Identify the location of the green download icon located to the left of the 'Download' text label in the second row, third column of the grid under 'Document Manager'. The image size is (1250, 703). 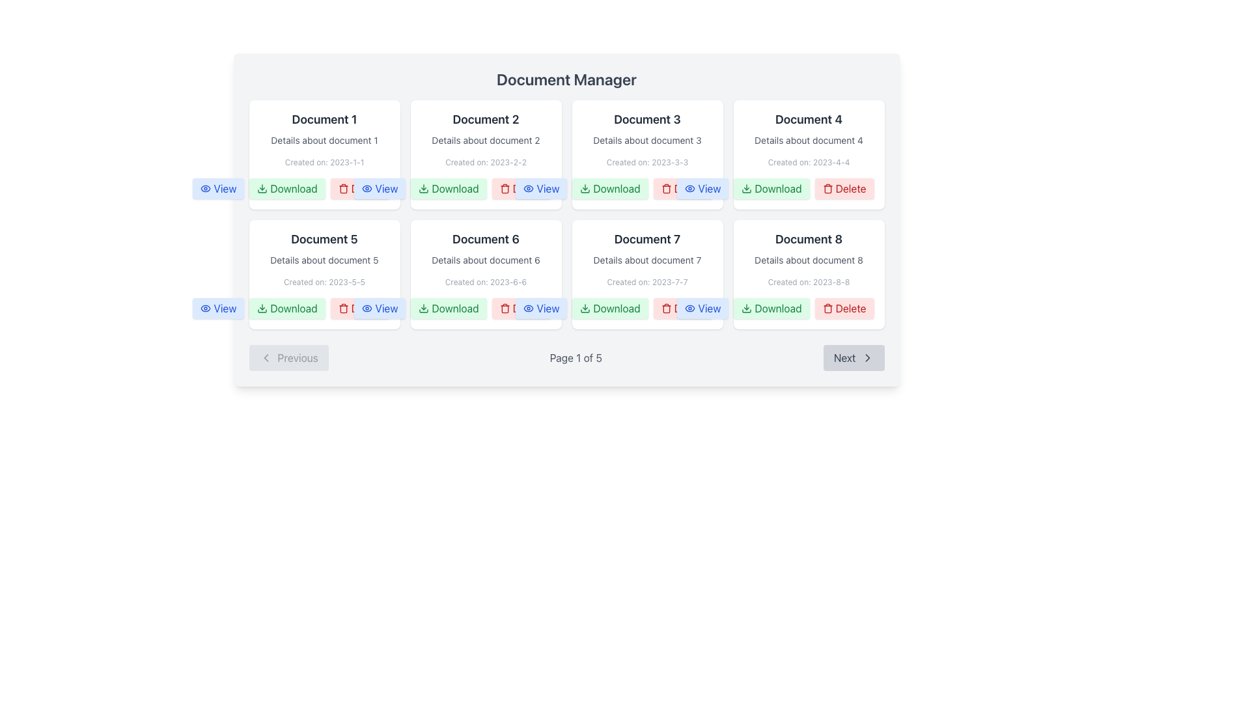
(585, 188).